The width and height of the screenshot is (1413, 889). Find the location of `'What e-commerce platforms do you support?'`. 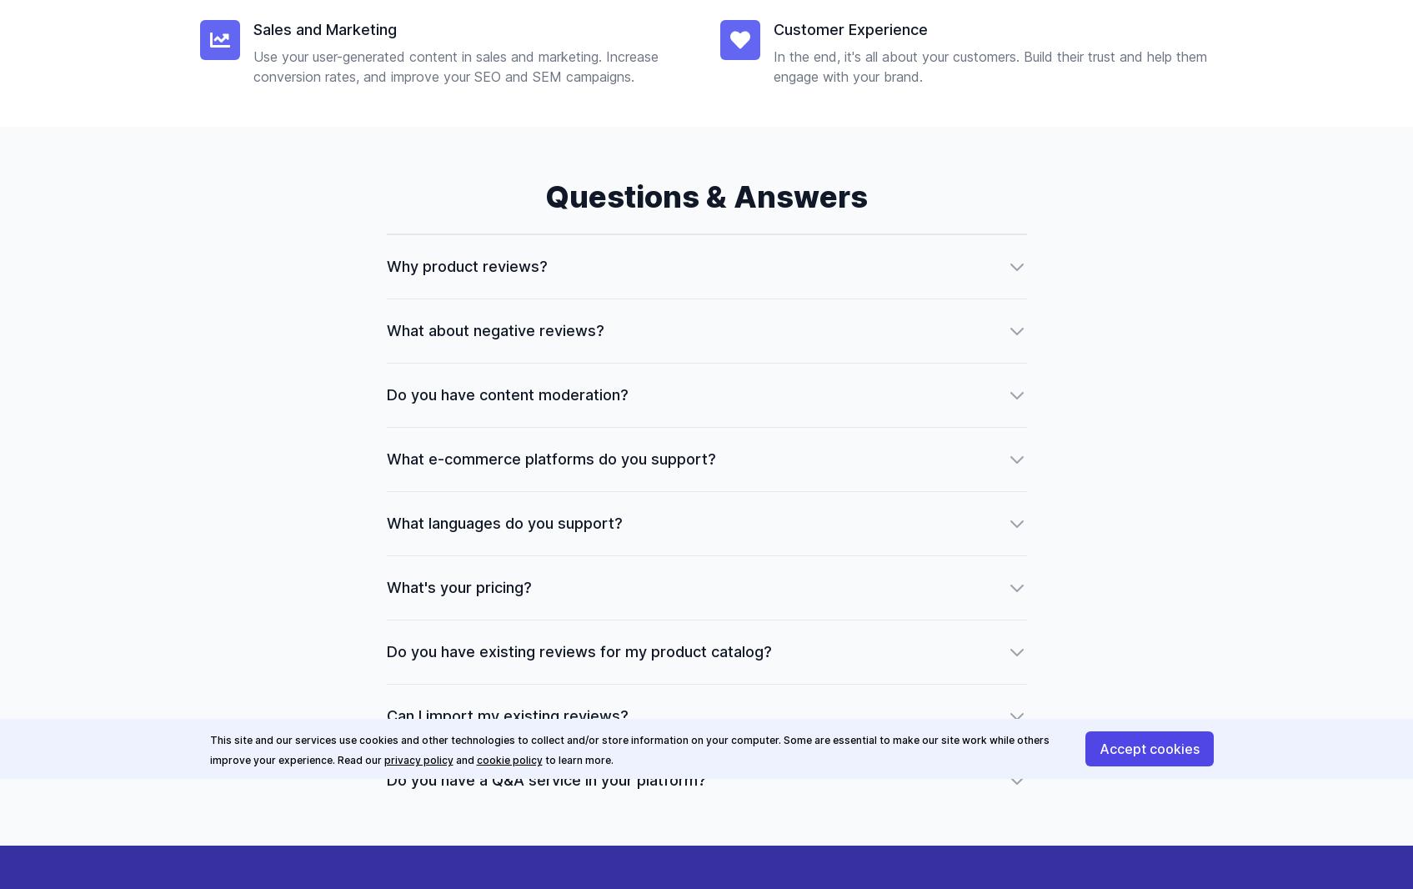

'What e-commerce platforms do you support?' is located at coordinates (385, 458).